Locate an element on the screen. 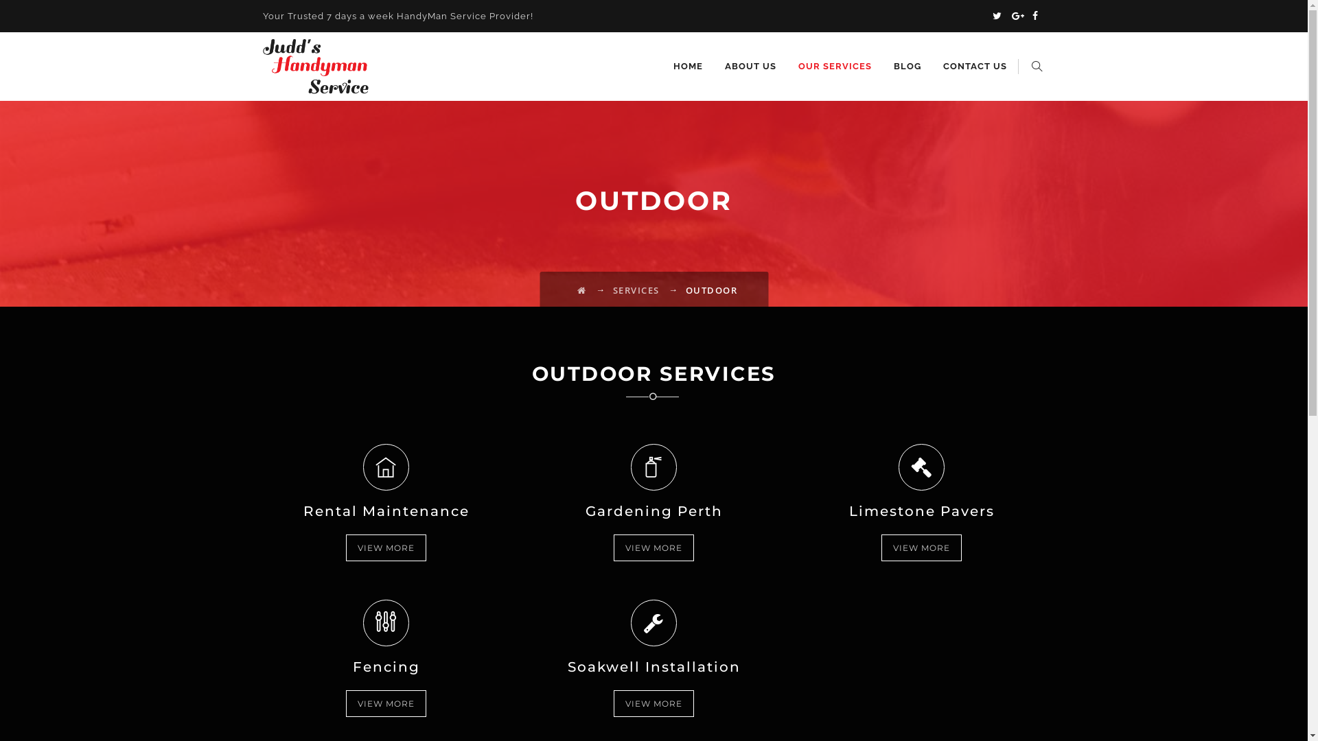 The image size is (1318, 741). 'BLOG' is located at coordinates (907, 66).